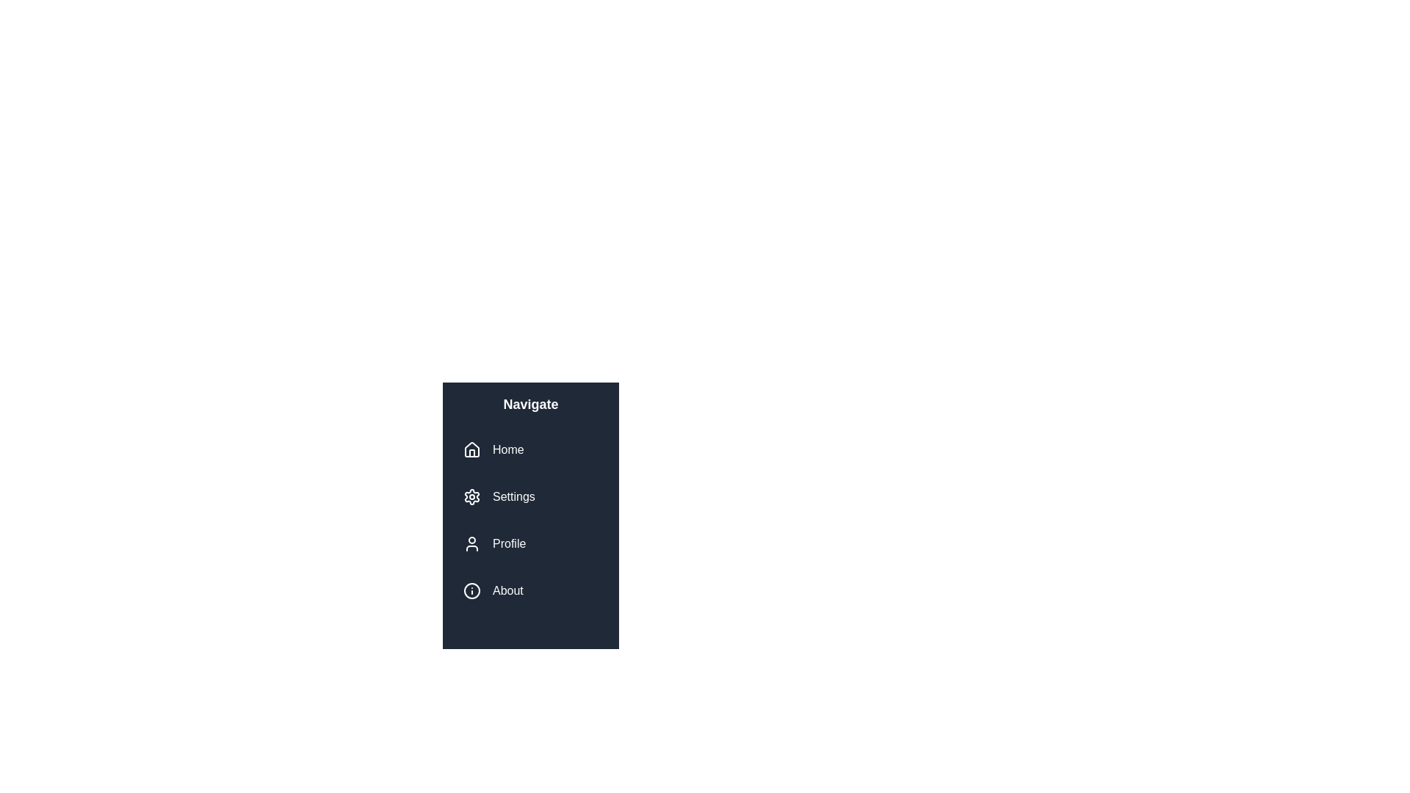  I want to click on the central circular SVG element within the 'About' menu item icon located at the bottom of the navigation menu, so click(472, 590).